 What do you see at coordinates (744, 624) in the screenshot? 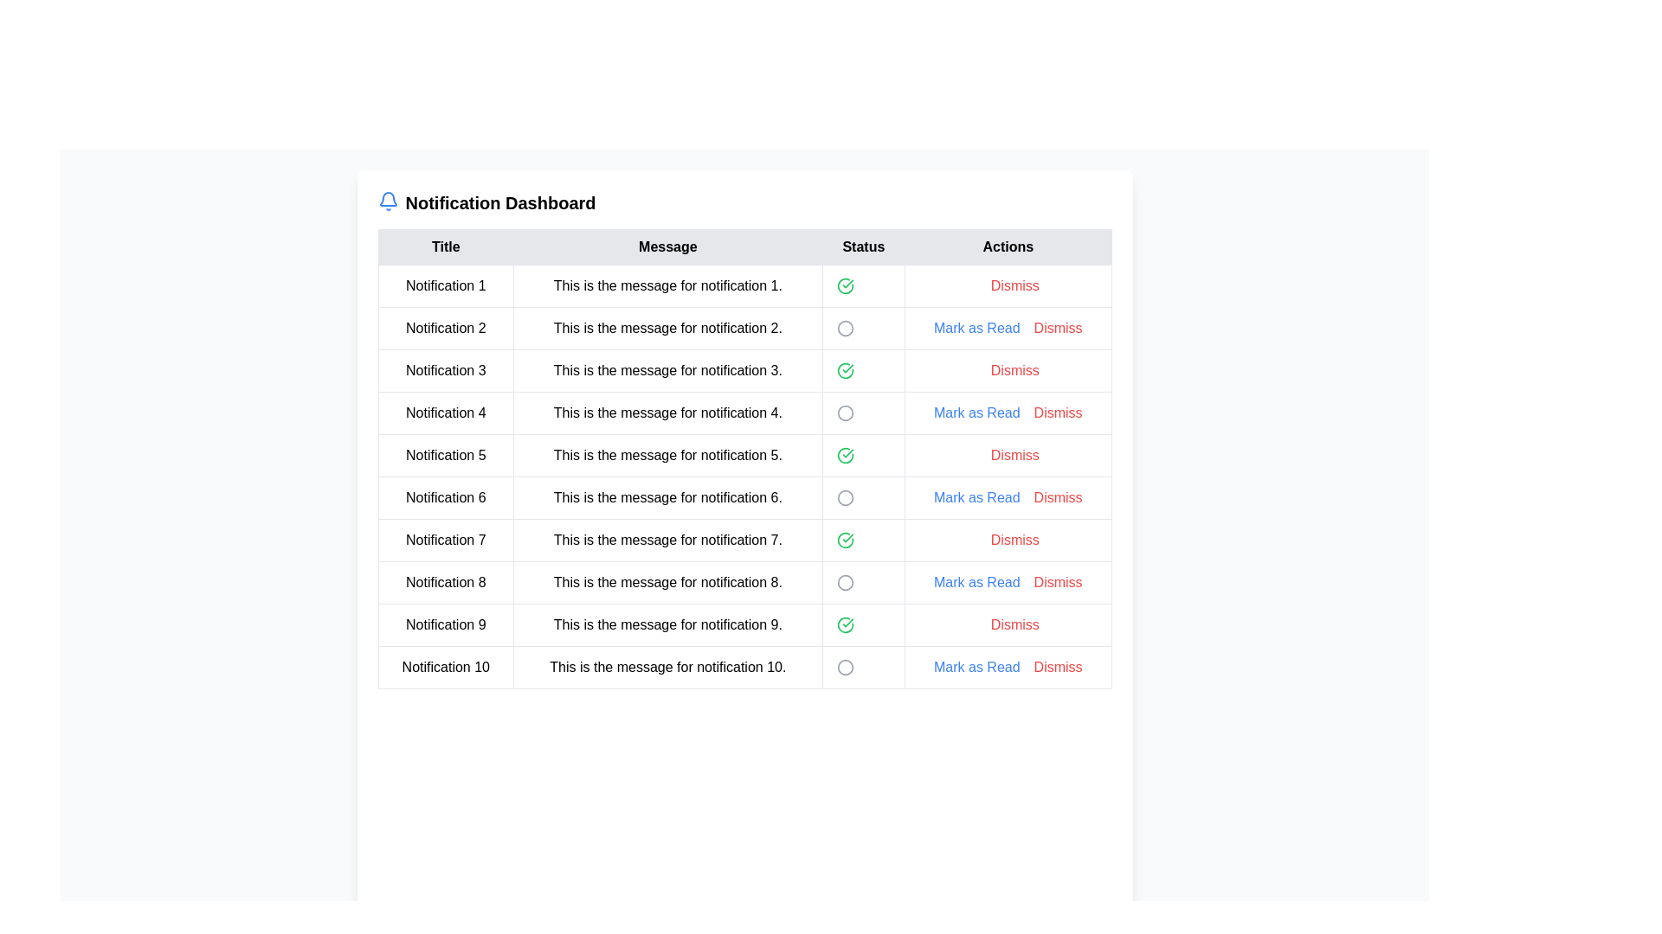
I see `the ninth row in the notification dashboard that displays details about a specific notification, including its title, brief message, and status` at bounding box center [744, 624].